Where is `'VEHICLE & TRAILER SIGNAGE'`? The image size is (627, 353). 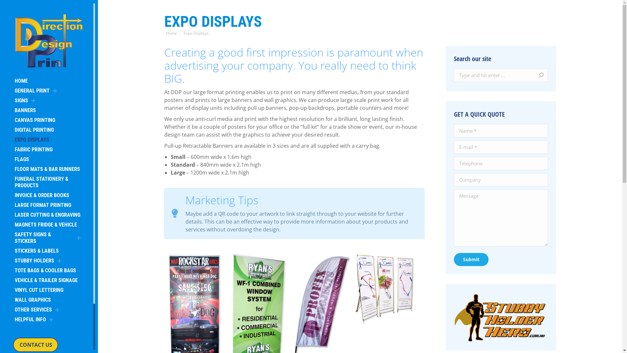 'VEHICLE & TRAILER SIGNAGE' is located at coordinates (46, 280).